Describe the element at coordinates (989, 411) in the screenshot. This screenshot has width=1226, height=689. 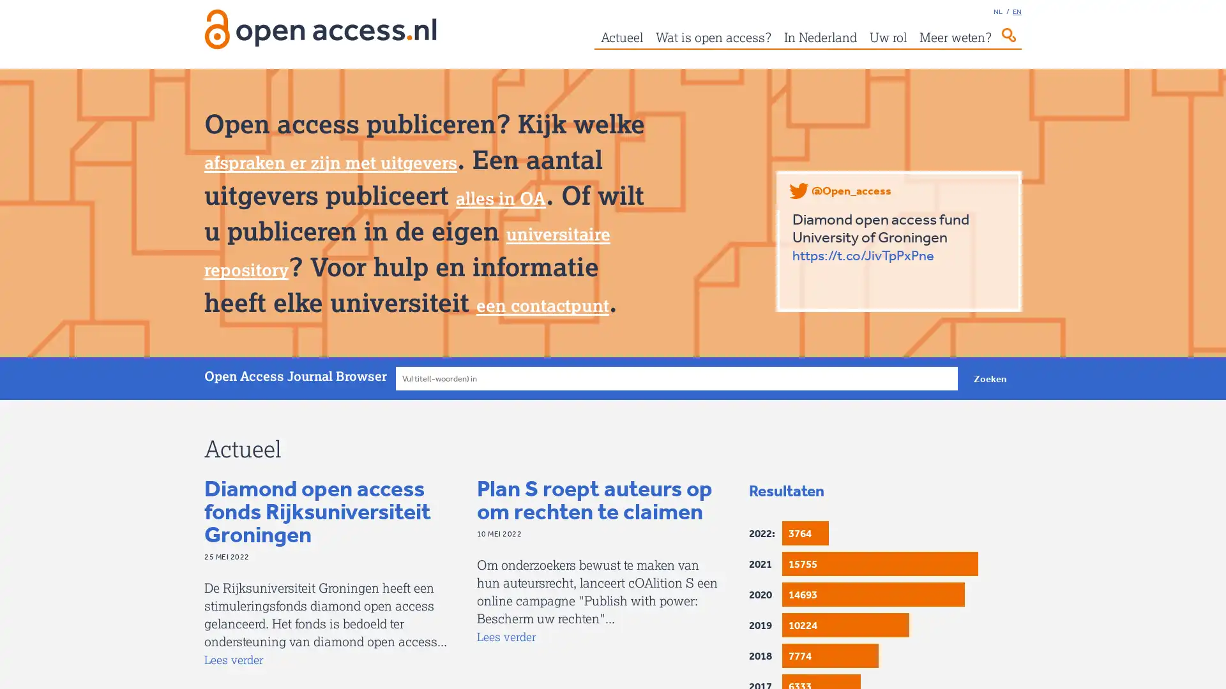
I see `Zoeken` at that location.